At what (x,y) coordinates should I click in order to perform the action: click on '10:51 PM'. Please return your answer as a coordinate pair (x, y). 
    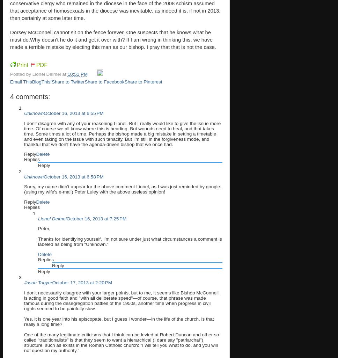
    Looking at the image, I should click on (77, 74).